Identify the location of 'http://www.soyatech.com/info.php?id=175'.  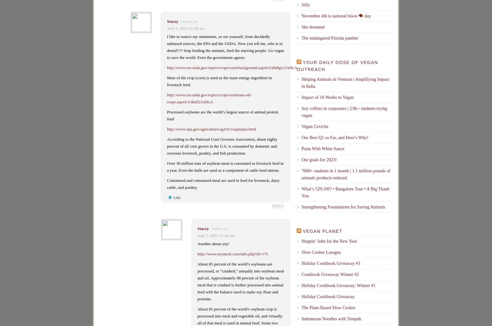
(197, 254).